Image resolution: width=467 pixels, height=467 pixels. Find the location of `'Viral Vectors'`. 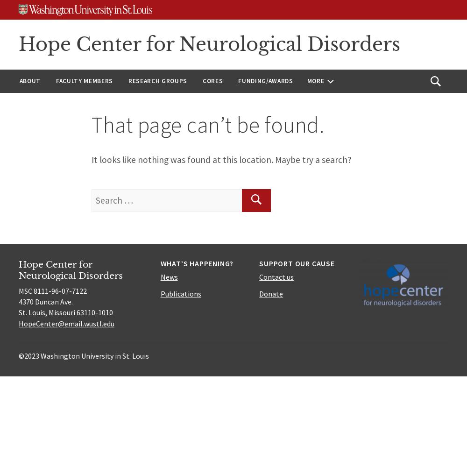

'Viral Vectors' is located at coordinates (225, 176).